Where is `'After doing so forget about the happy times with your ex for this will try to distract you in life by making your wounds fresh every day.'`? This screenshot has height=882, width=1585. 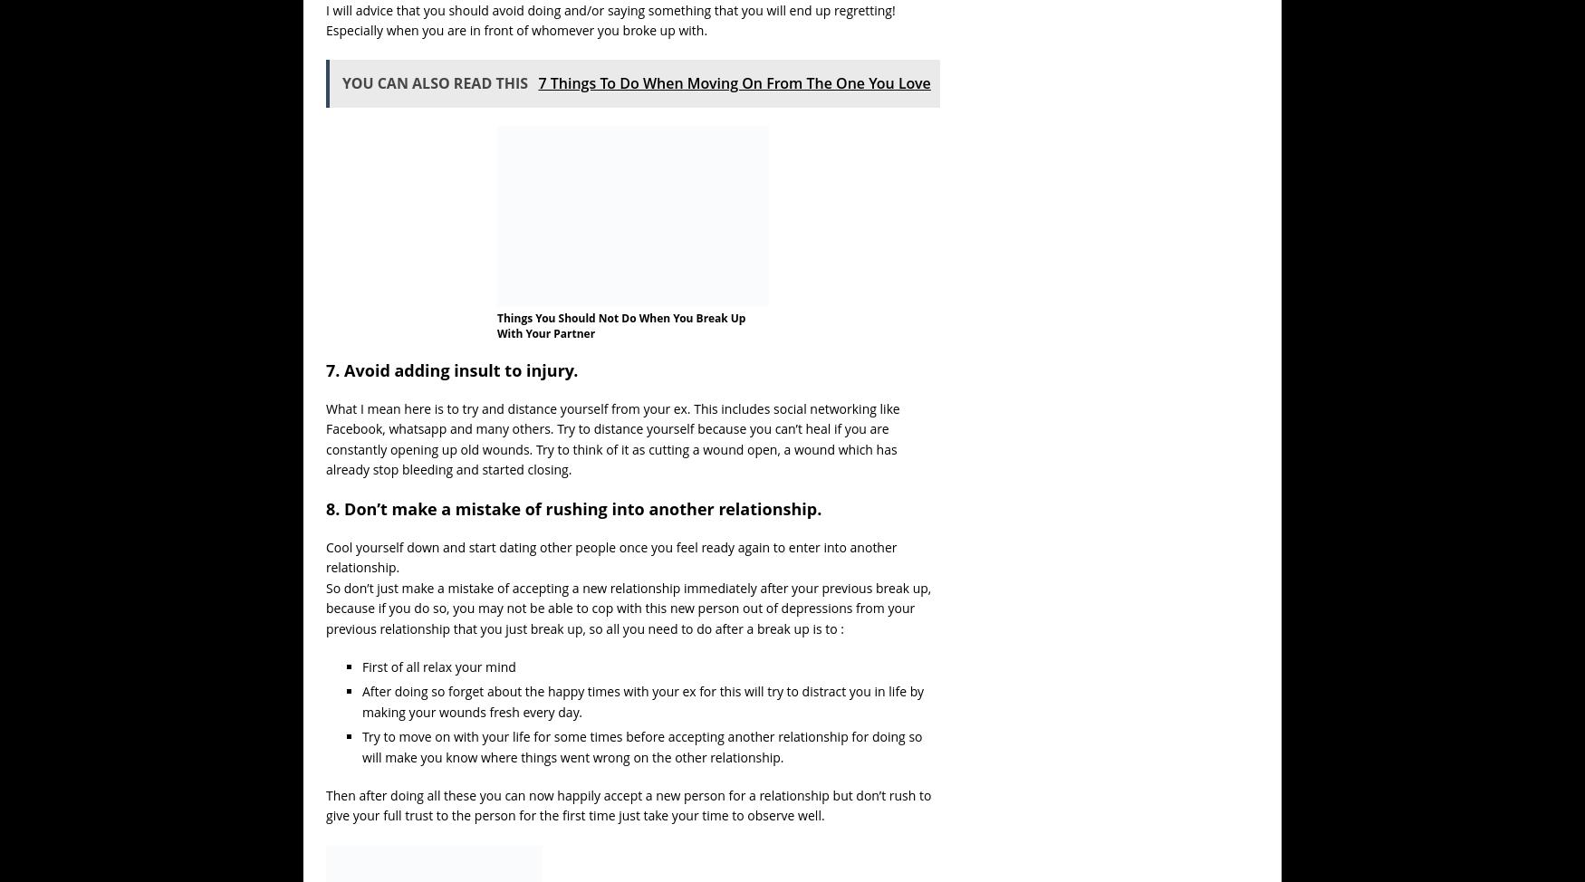
'After doing so forget about the happy times with your ex for this will try to distract you in life by making your wounds fresh every day.' is located at coordinates (642, 700).